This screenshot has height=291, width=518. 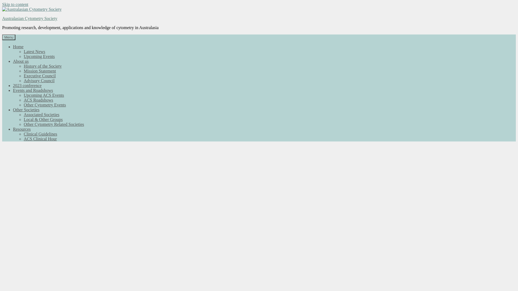 I want to click on 'Other Societies', so click(x=26, y=109).